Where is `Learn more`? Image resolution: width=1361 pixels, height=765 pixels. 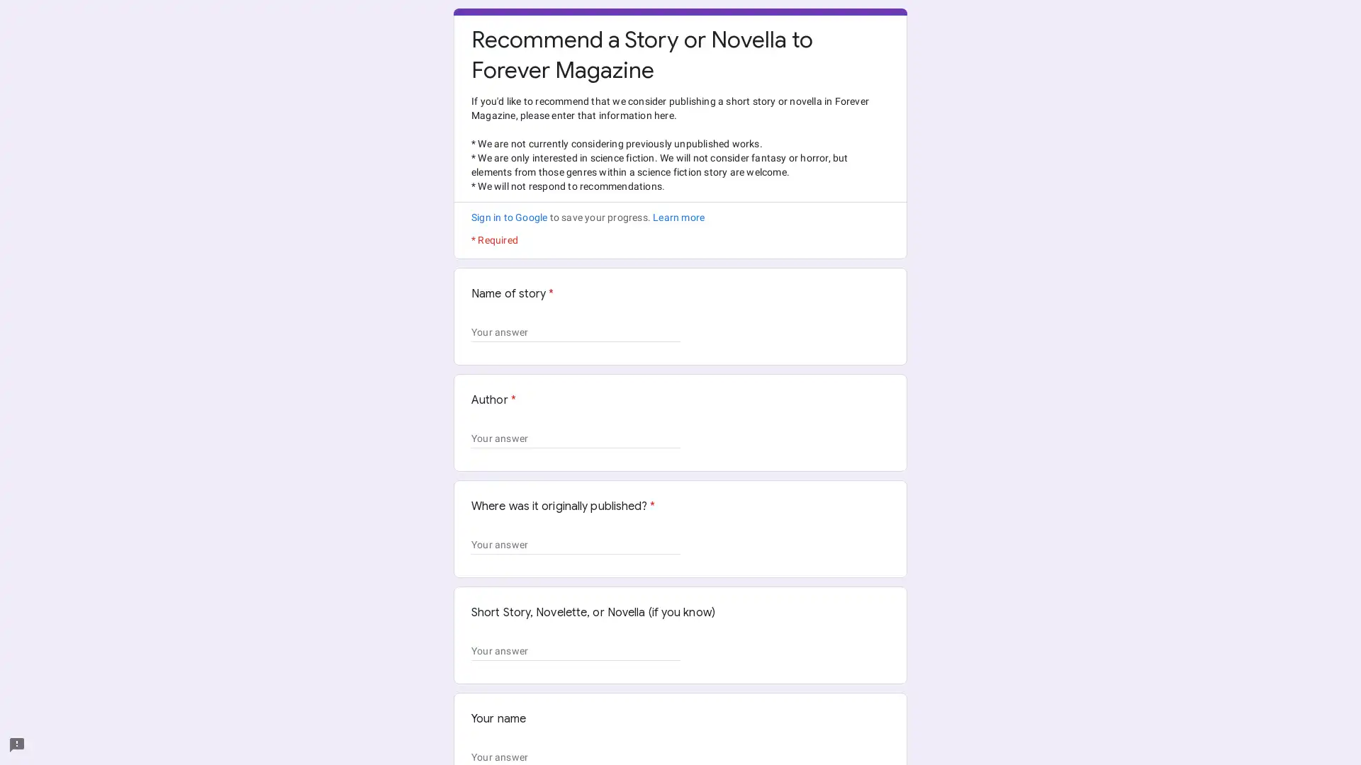
Learn more is located at coordinates (678, 217).